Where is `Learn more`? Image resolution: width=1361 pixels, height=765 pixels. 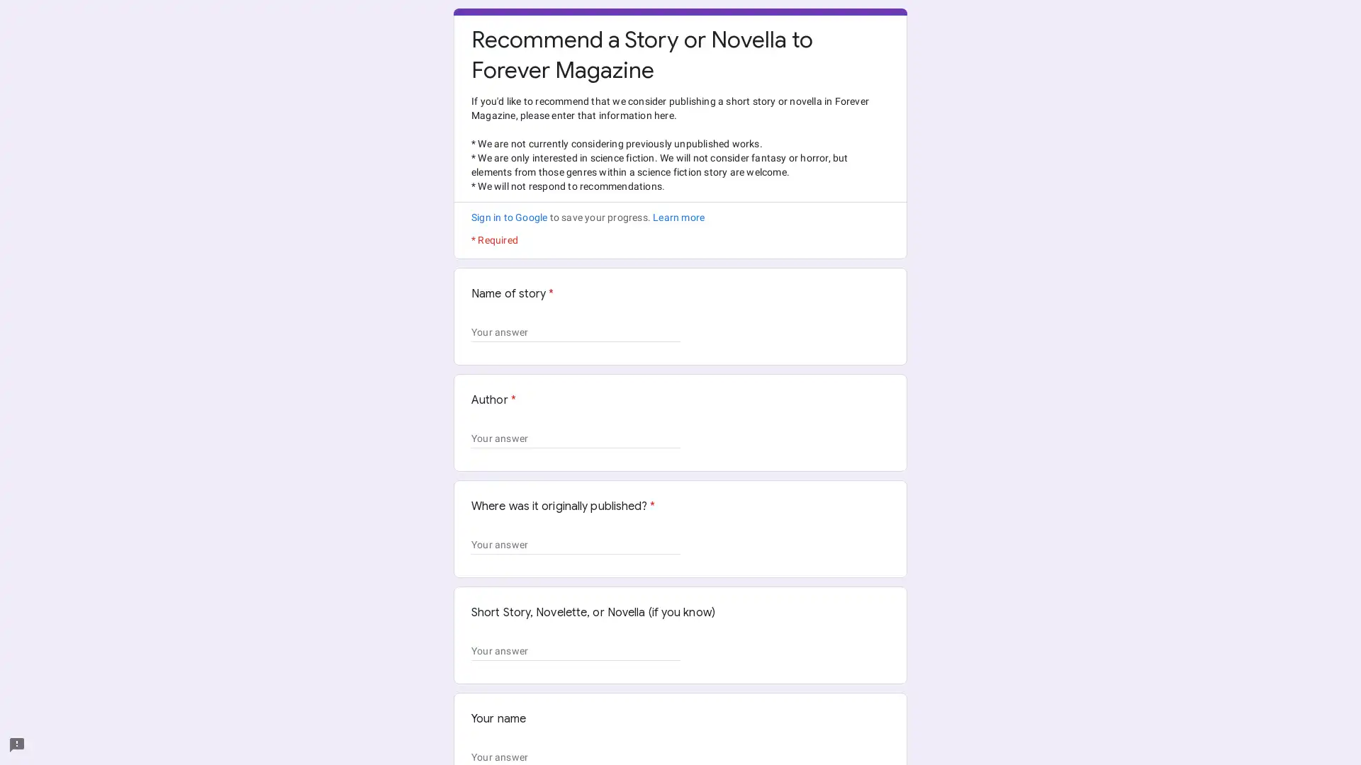
Learn more is located at coordinates (678, 217).